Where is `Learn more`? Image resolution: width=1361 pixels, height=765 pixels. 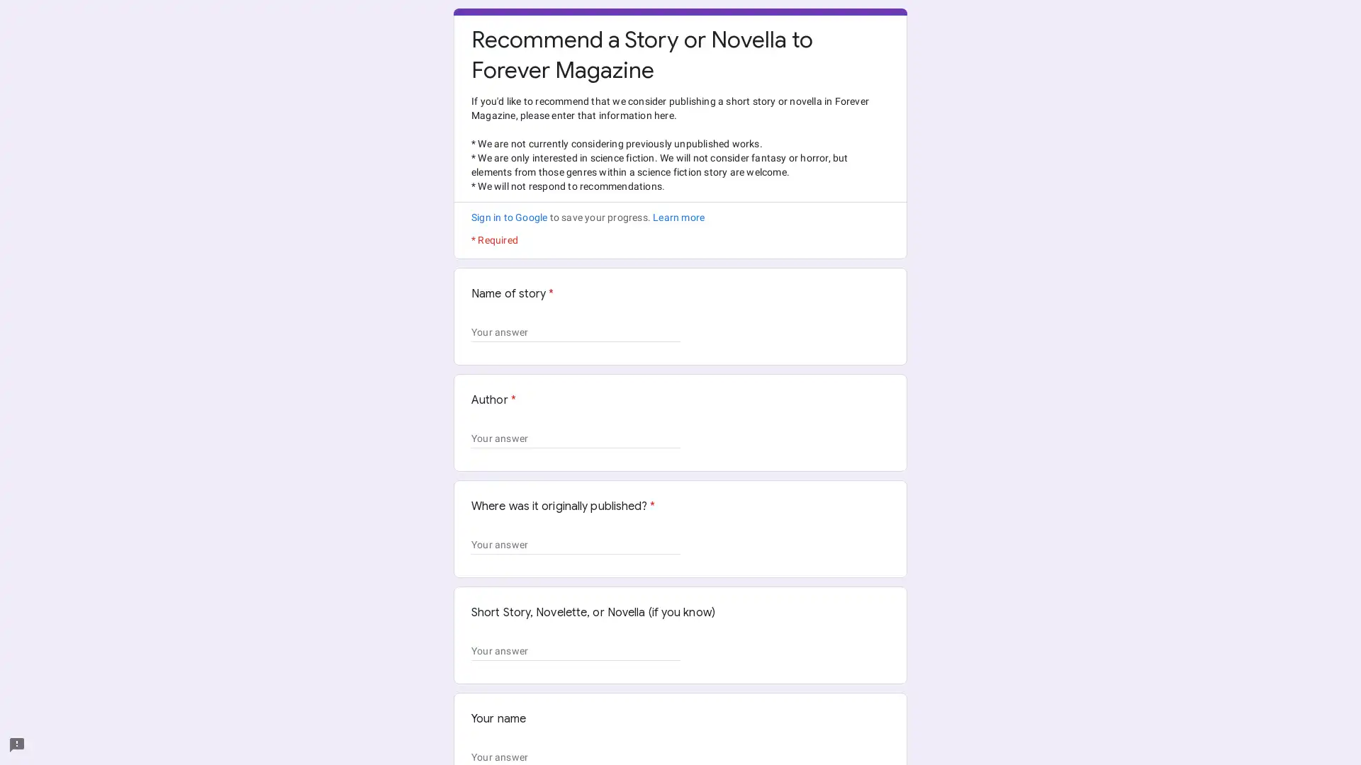
Learn more is located at coordinates (678, 217).